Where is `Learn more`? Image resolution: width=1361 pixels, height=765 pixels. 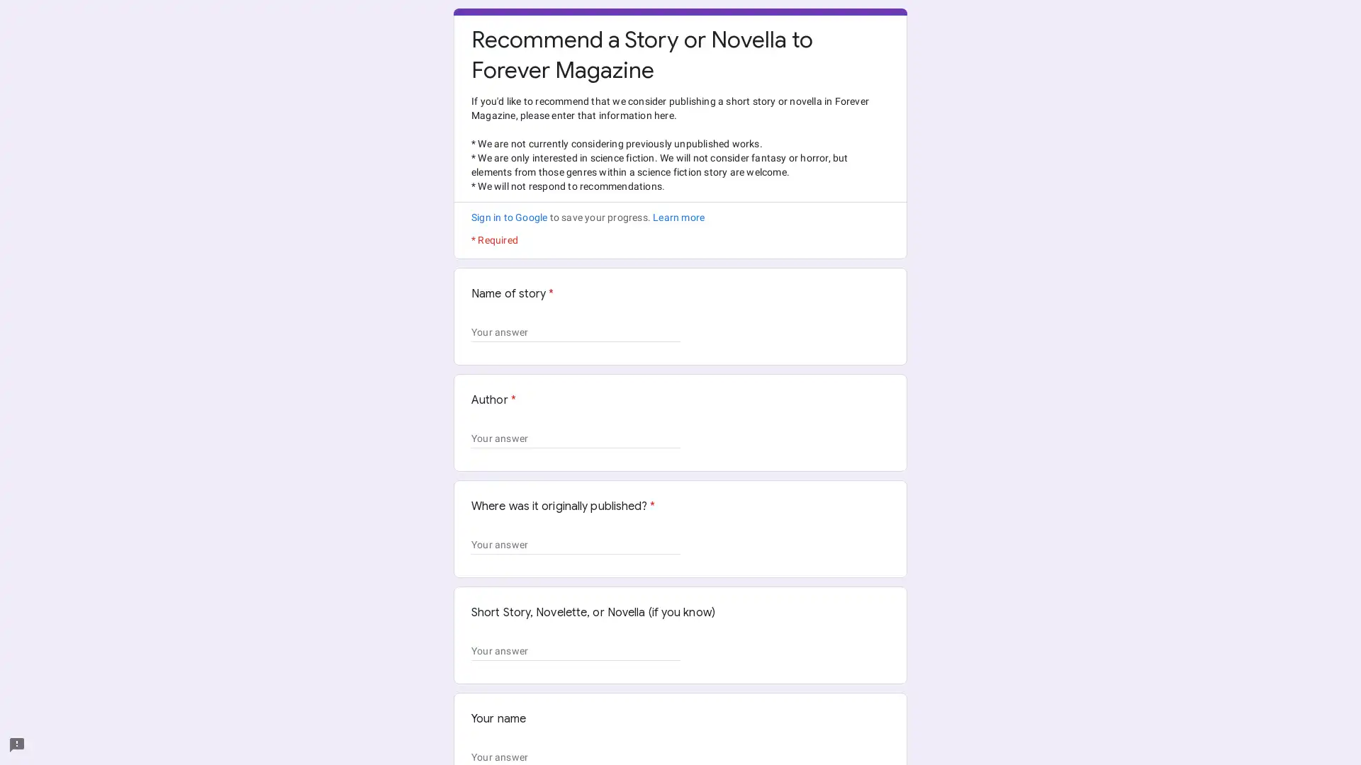
Learn more is located at coordinates (678, 217).